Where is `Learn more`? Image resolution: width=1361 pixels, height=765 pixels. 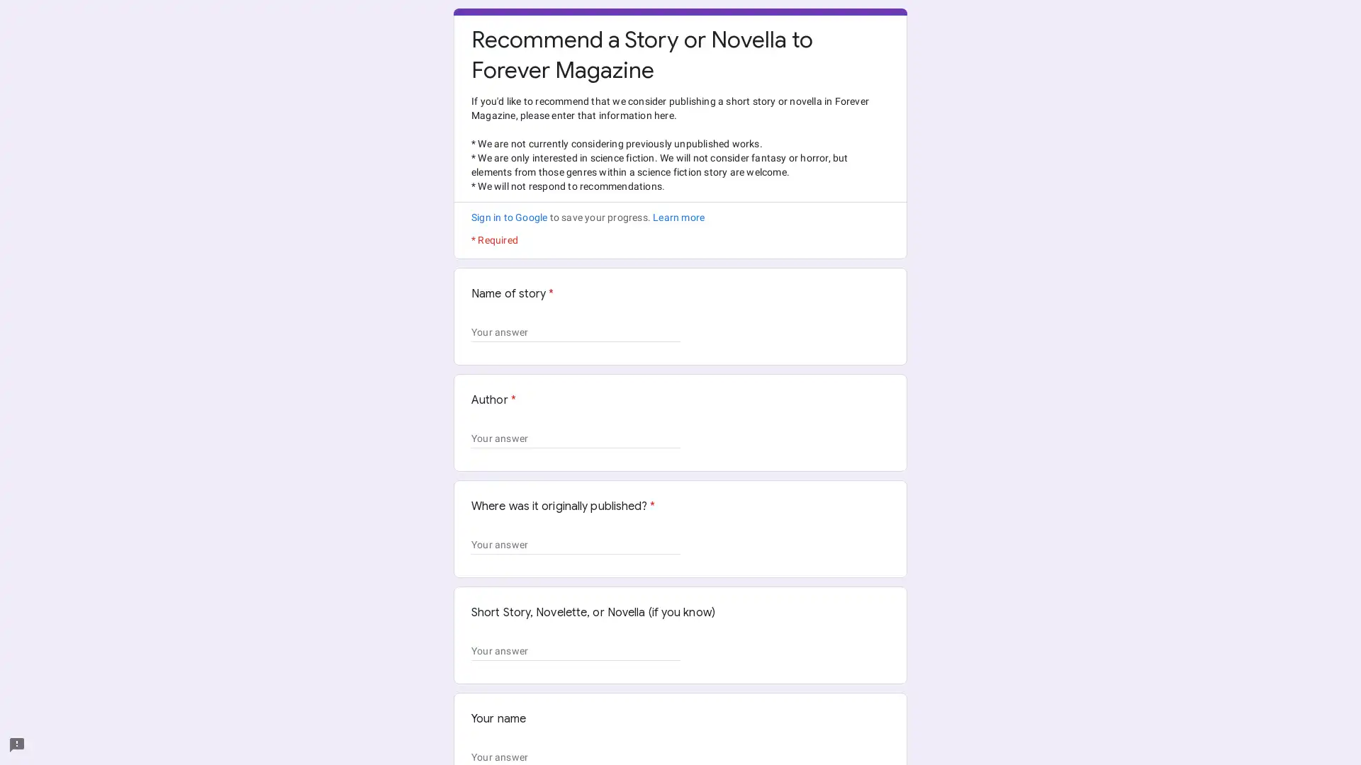
Learn more is located at coordinates (678, 217).